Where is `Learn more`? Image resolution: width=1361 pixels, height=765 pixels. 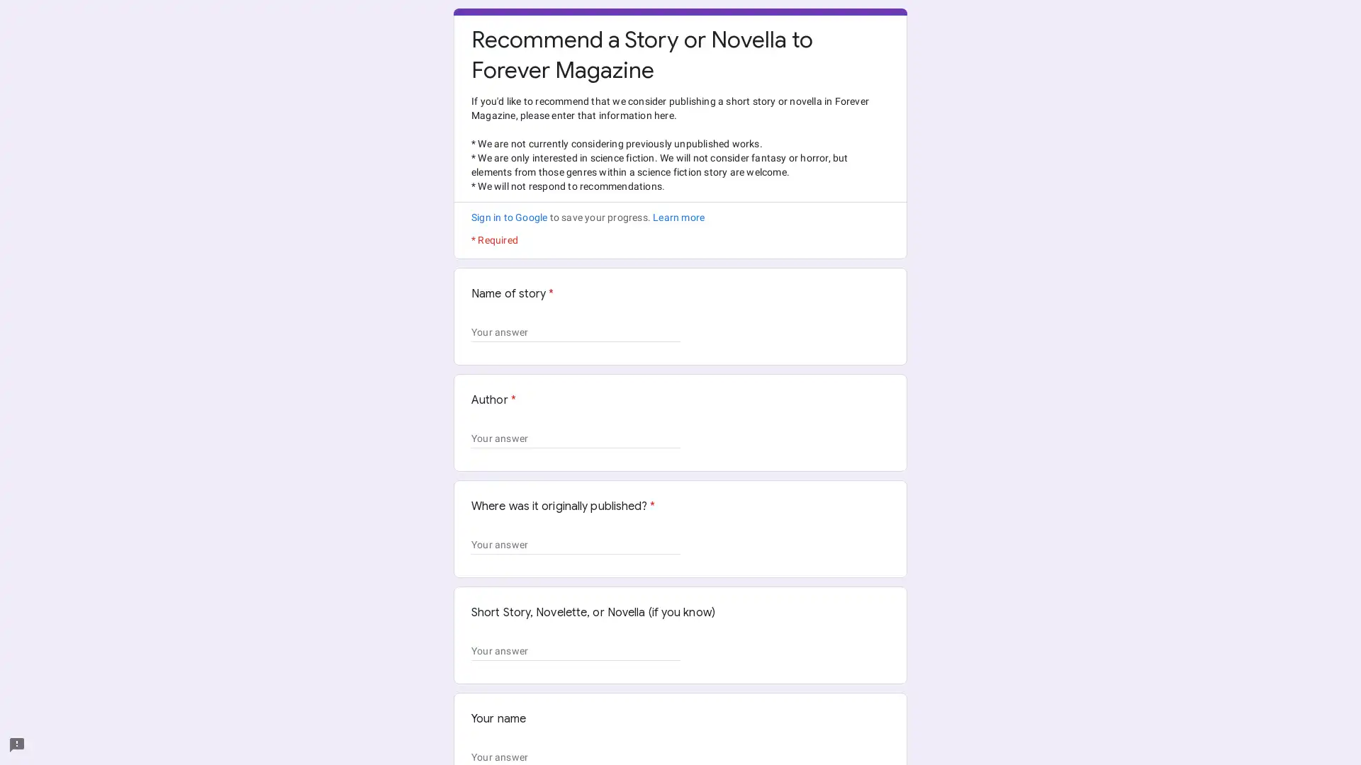
Learn more is located at coordinates (678, 217).